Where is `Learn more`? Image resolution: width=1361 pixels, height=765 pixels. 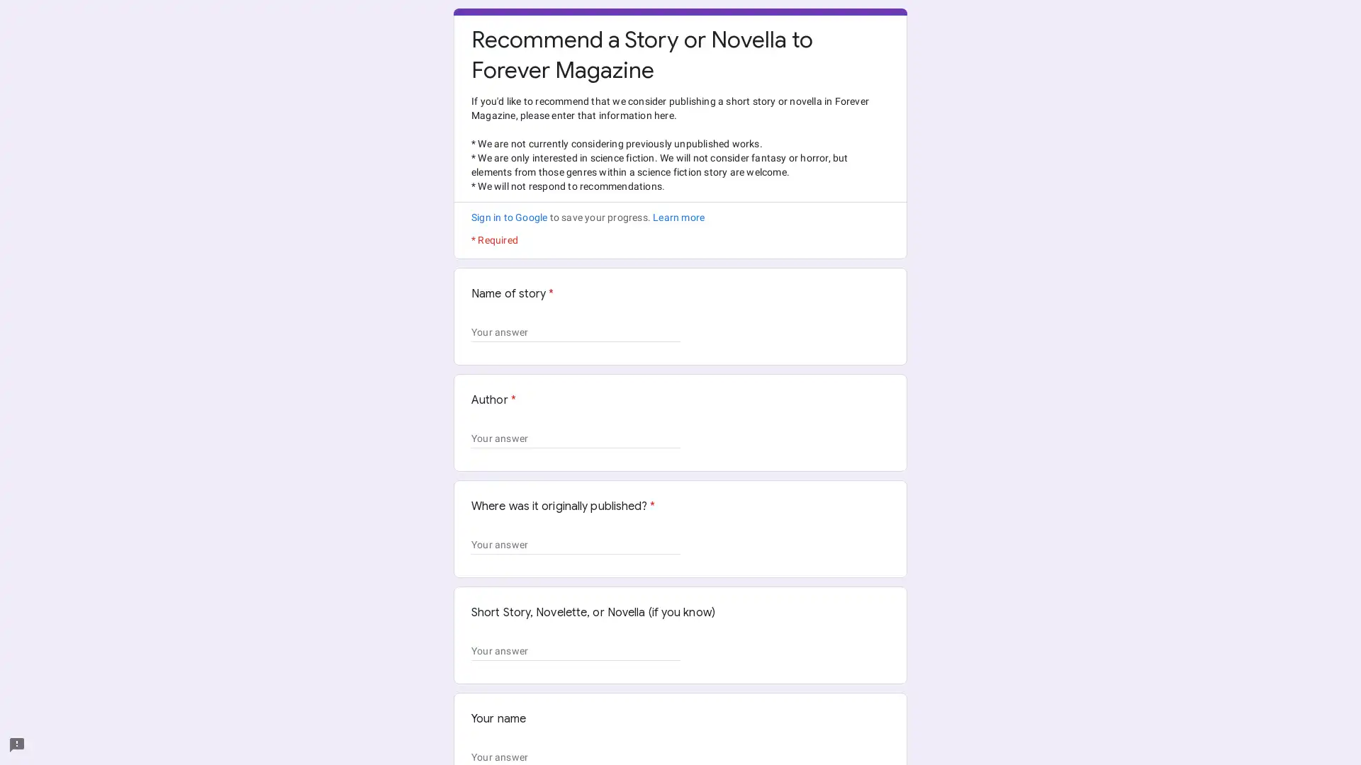
Learn more is located at coordinates (678, 217).